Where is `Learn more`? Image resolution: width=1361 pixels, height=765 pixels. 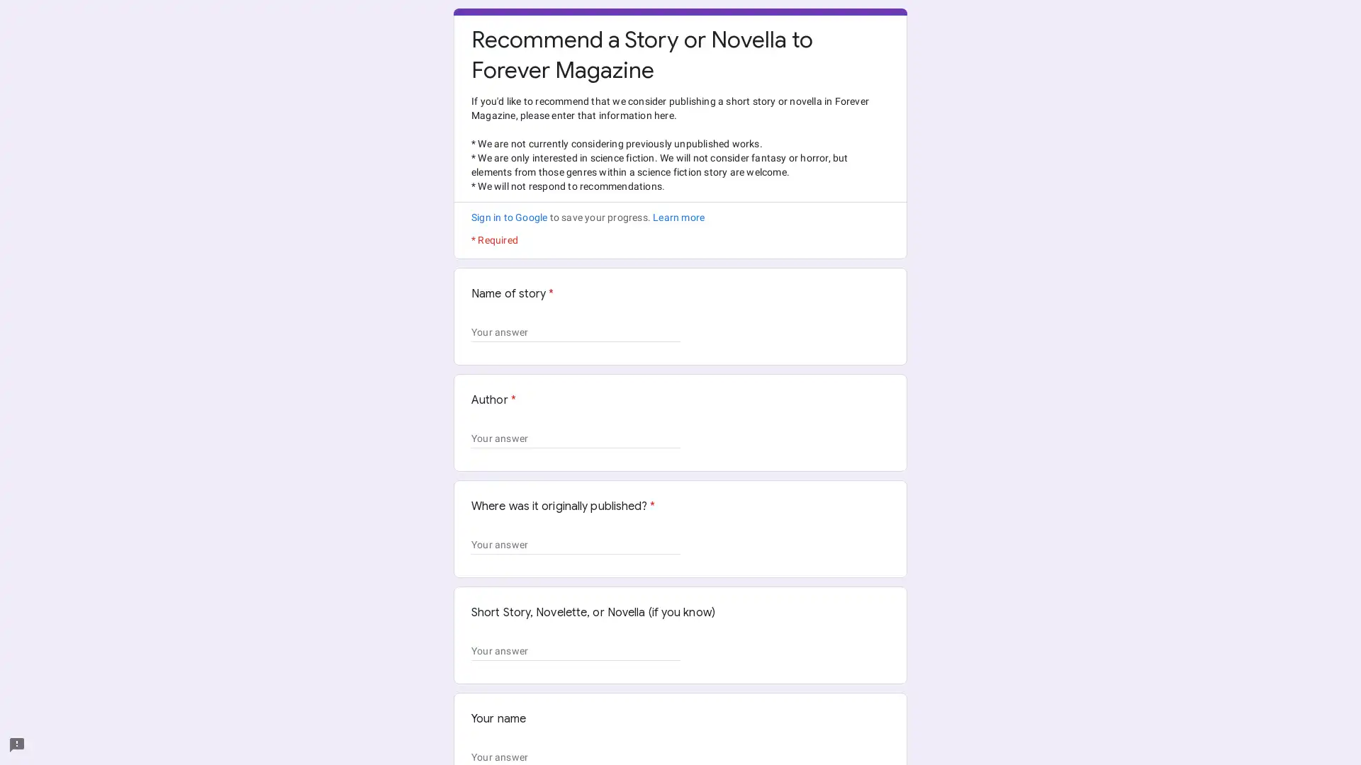
Learn more is located at coordinates (678, 217).